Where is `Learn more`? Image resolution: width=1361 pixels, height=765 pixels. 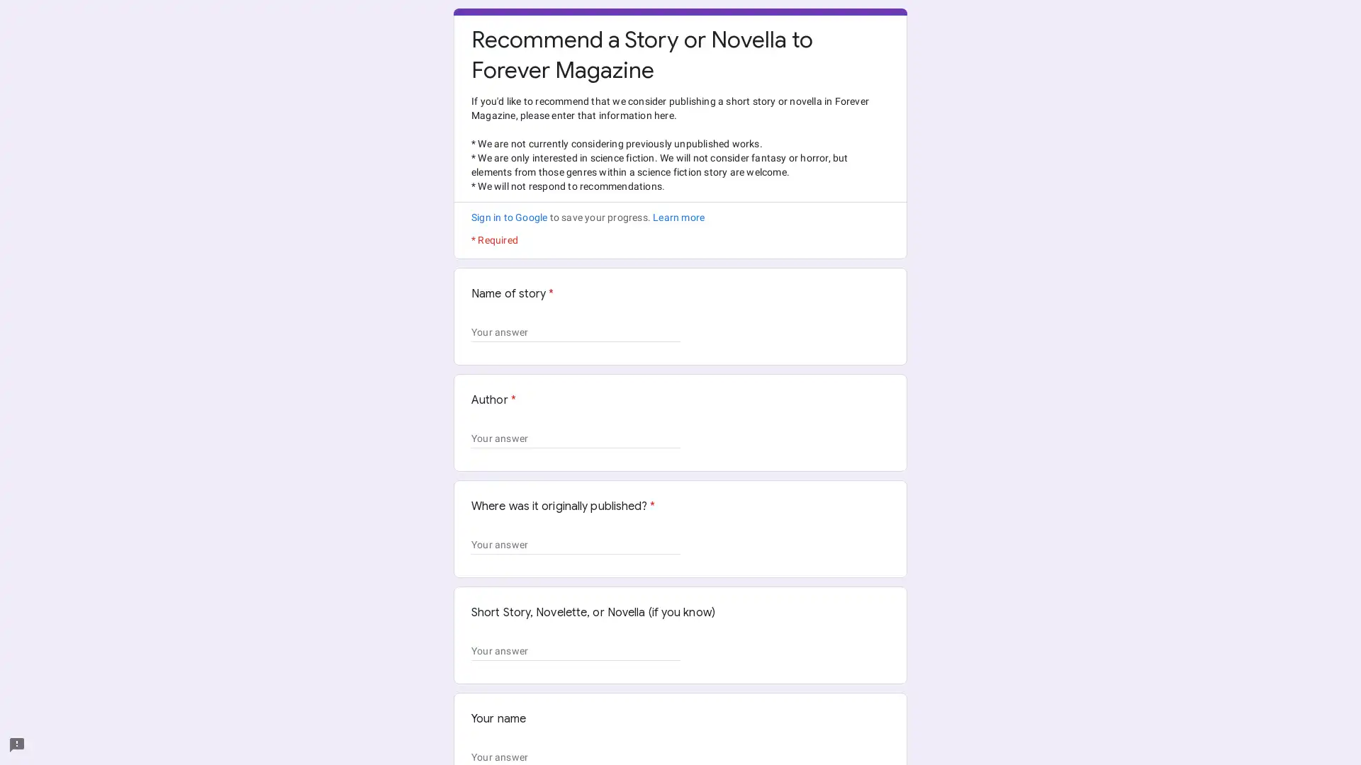
Learn more is located at coordinates (678, 217).